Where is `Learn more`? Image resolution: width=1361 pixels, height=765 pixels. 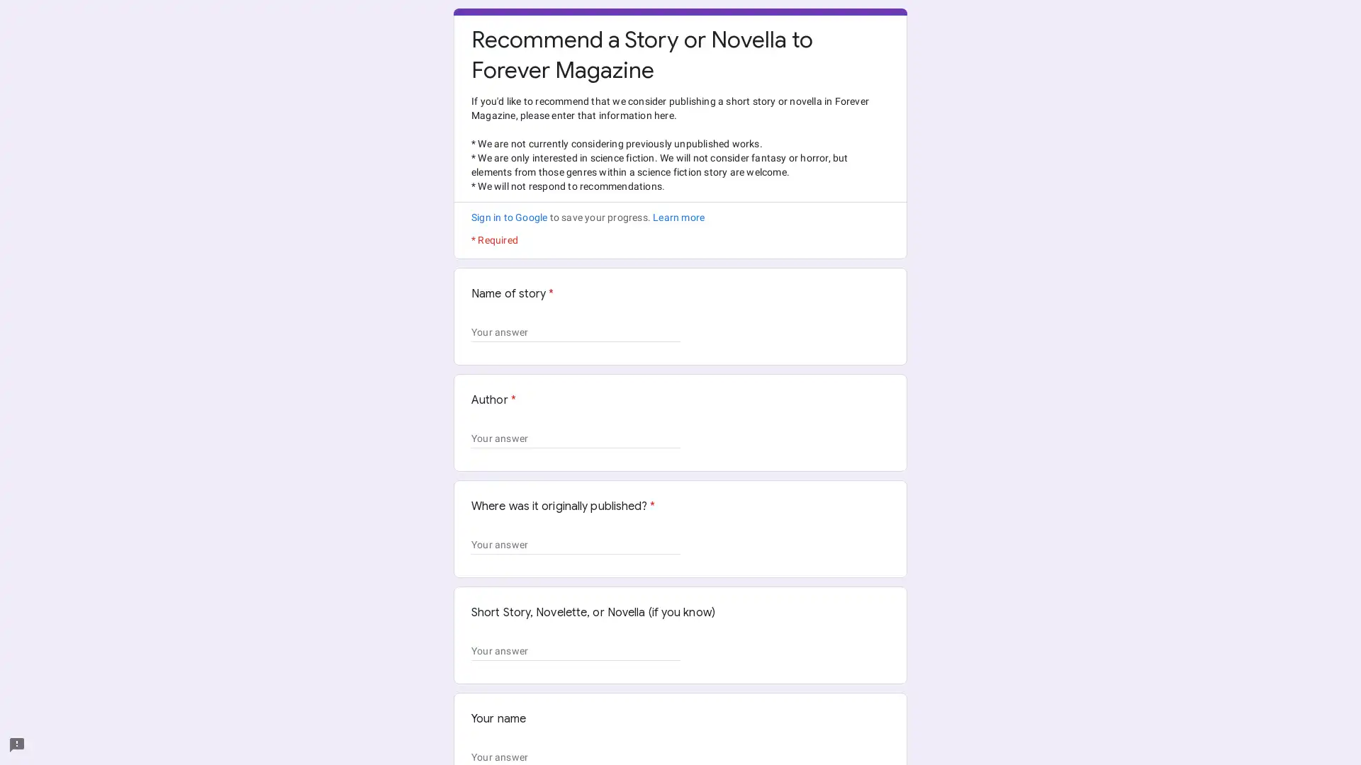
Learn more is located at coordinates (678, 217).